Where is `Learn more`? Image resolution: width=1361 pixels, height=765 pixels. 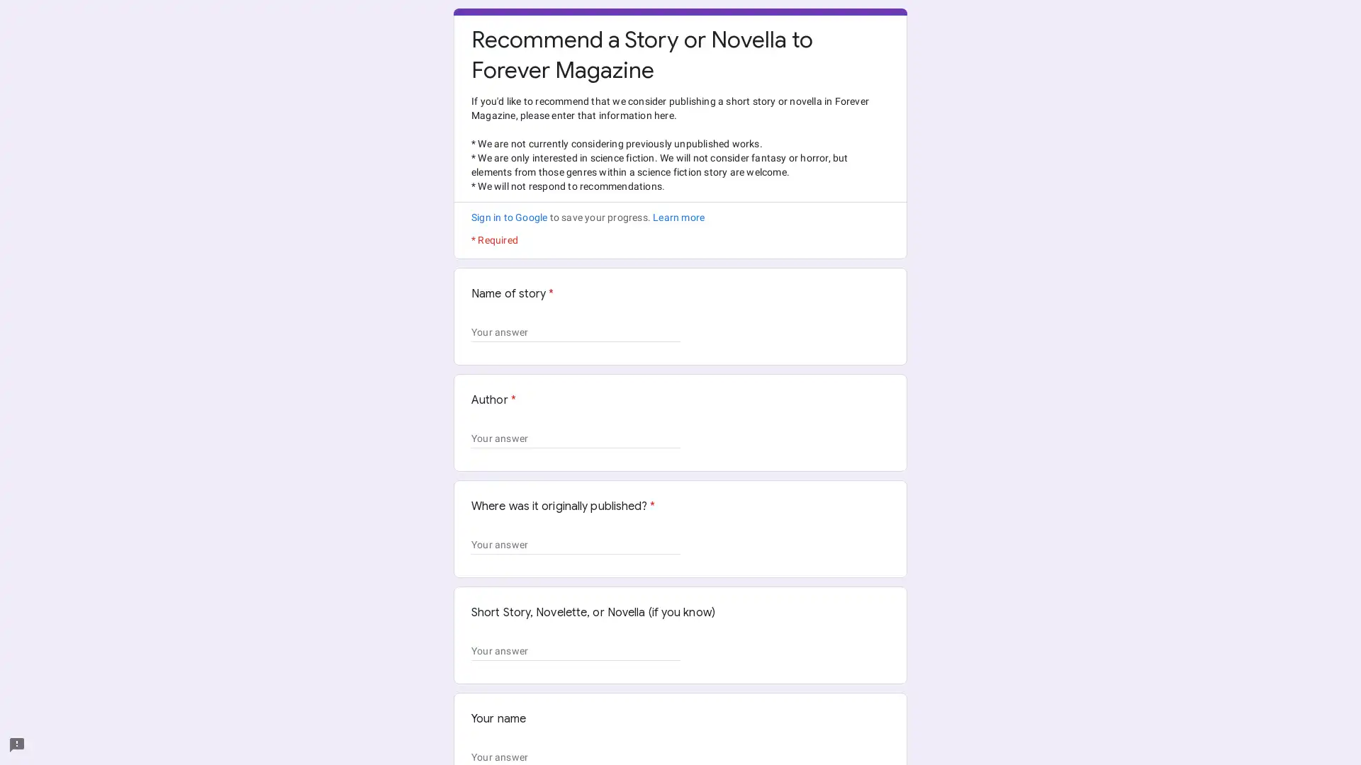
Learn more is located at coordinates (678, 217).